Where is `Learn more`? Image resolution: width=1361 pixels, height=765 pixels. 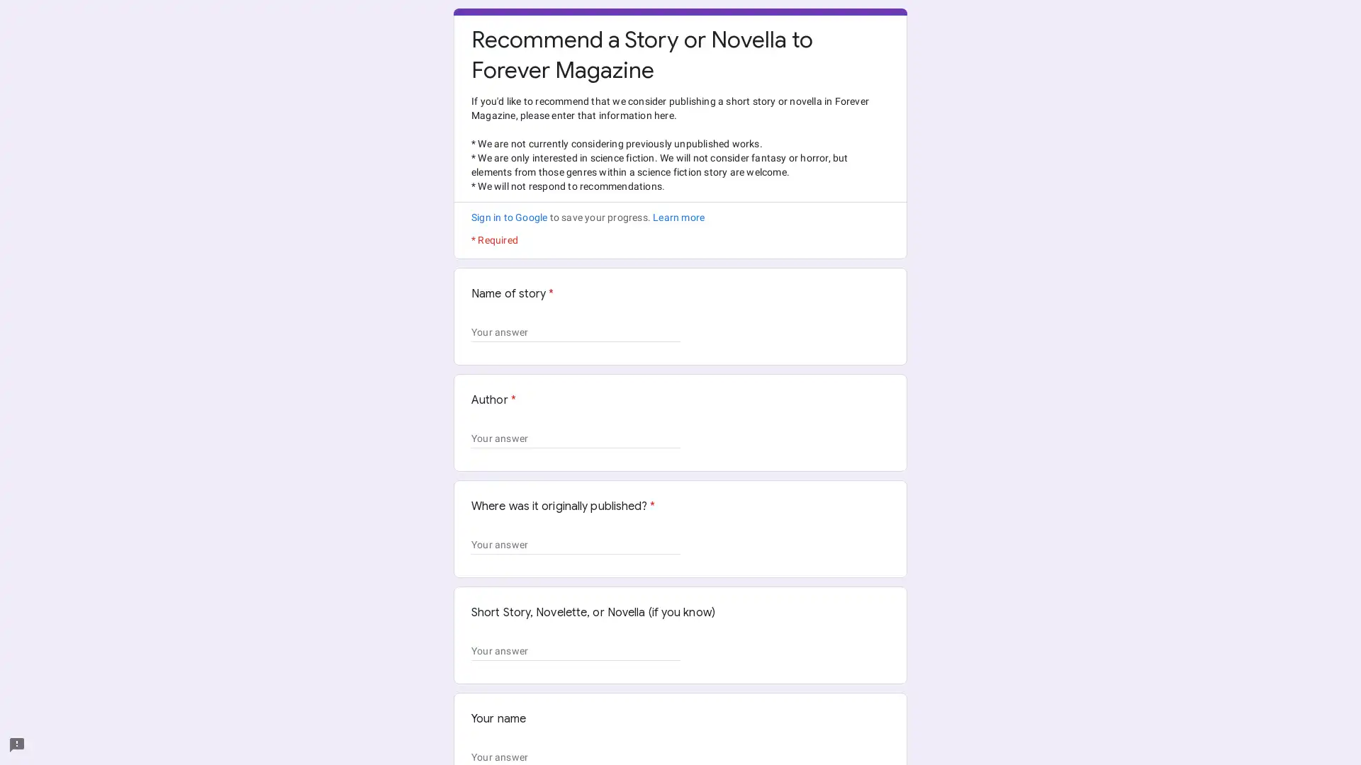
Learn more is located at coordinates (678, 217).